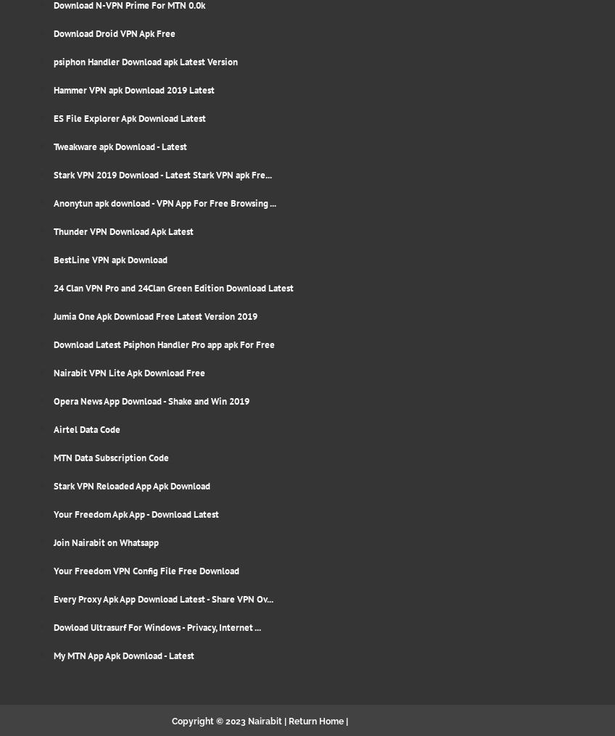 Image resolution: width=615 pixels, height=736 pixels. What do you see at coordinates (162, 598) in the screenshot?
I see `'Every Proxy Apk App Download Latest - Share VPN Ov...'` at bounding box center [162, 598].